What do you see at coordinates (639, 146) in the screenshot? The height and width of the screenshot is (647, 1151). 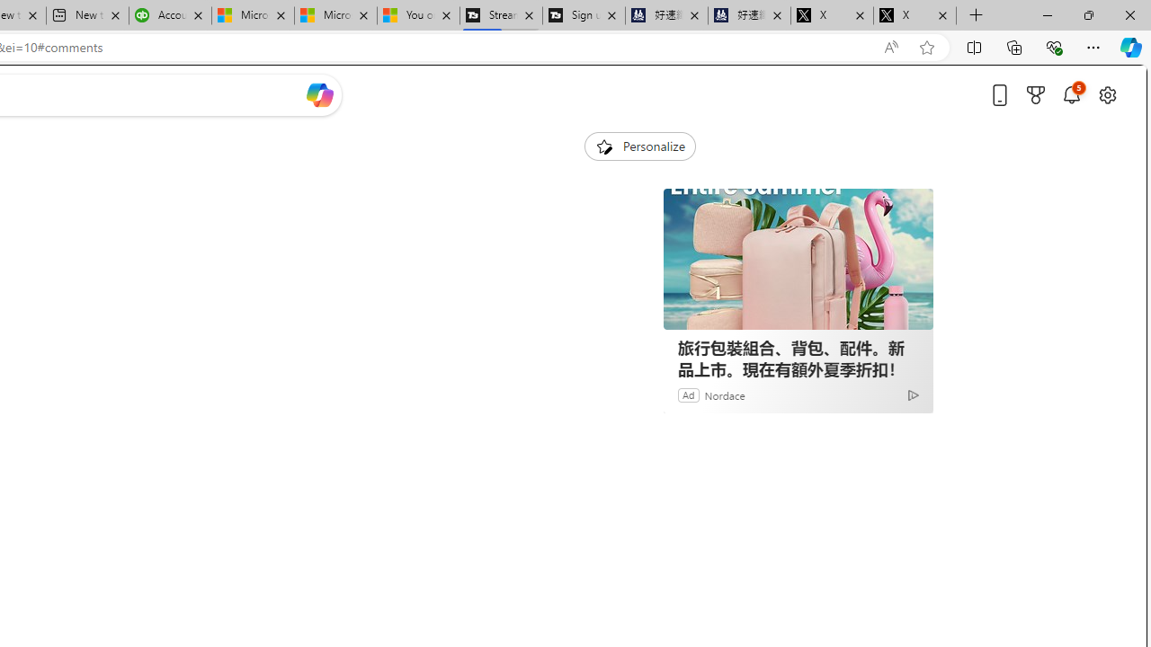 I see `'Personalize'` at bounding box center [639, 146].